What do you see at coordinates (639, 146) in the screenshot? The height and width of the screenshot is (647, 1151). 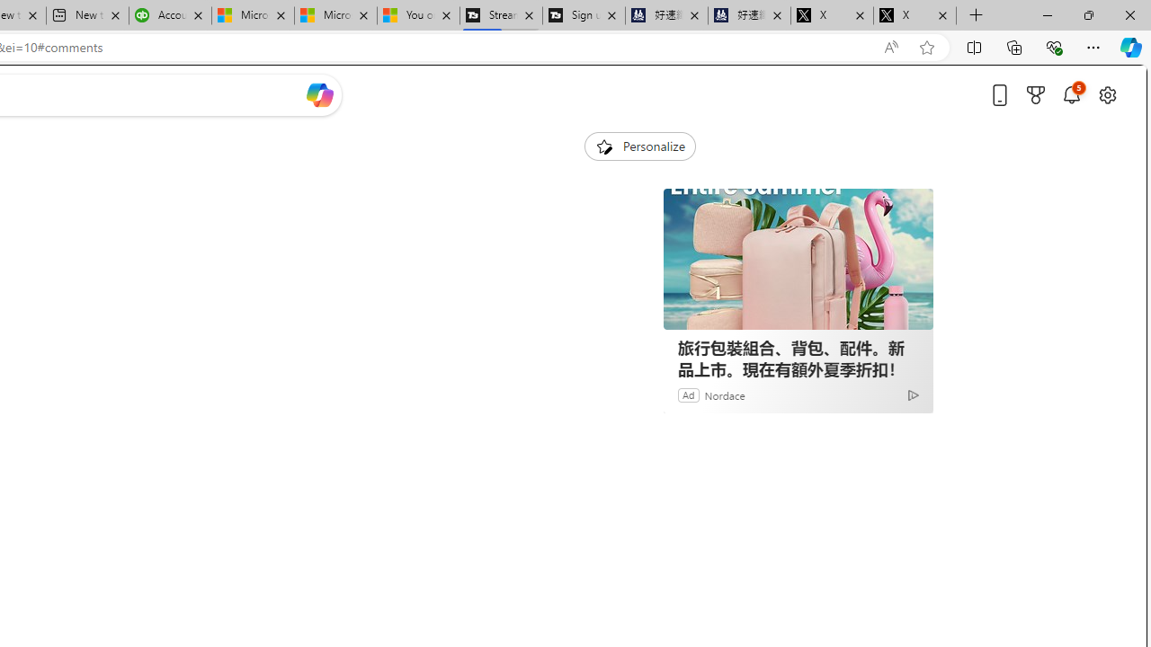 I see `'Personalize'` at bounding box center [639, 146].